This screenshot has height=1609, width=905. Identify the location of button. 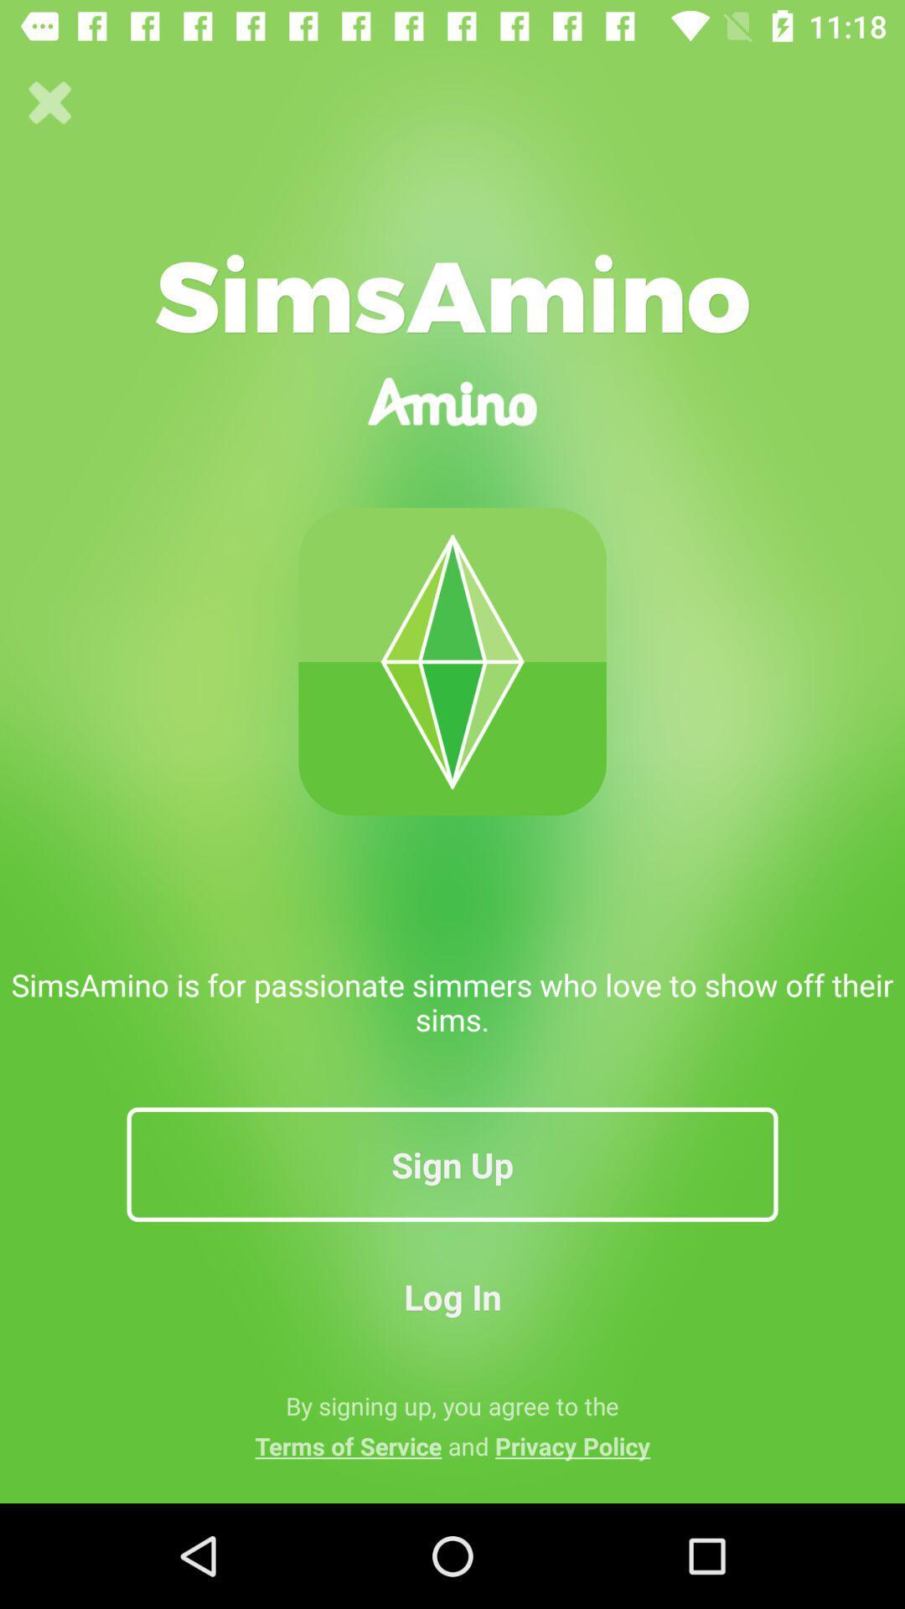
(49, 102).